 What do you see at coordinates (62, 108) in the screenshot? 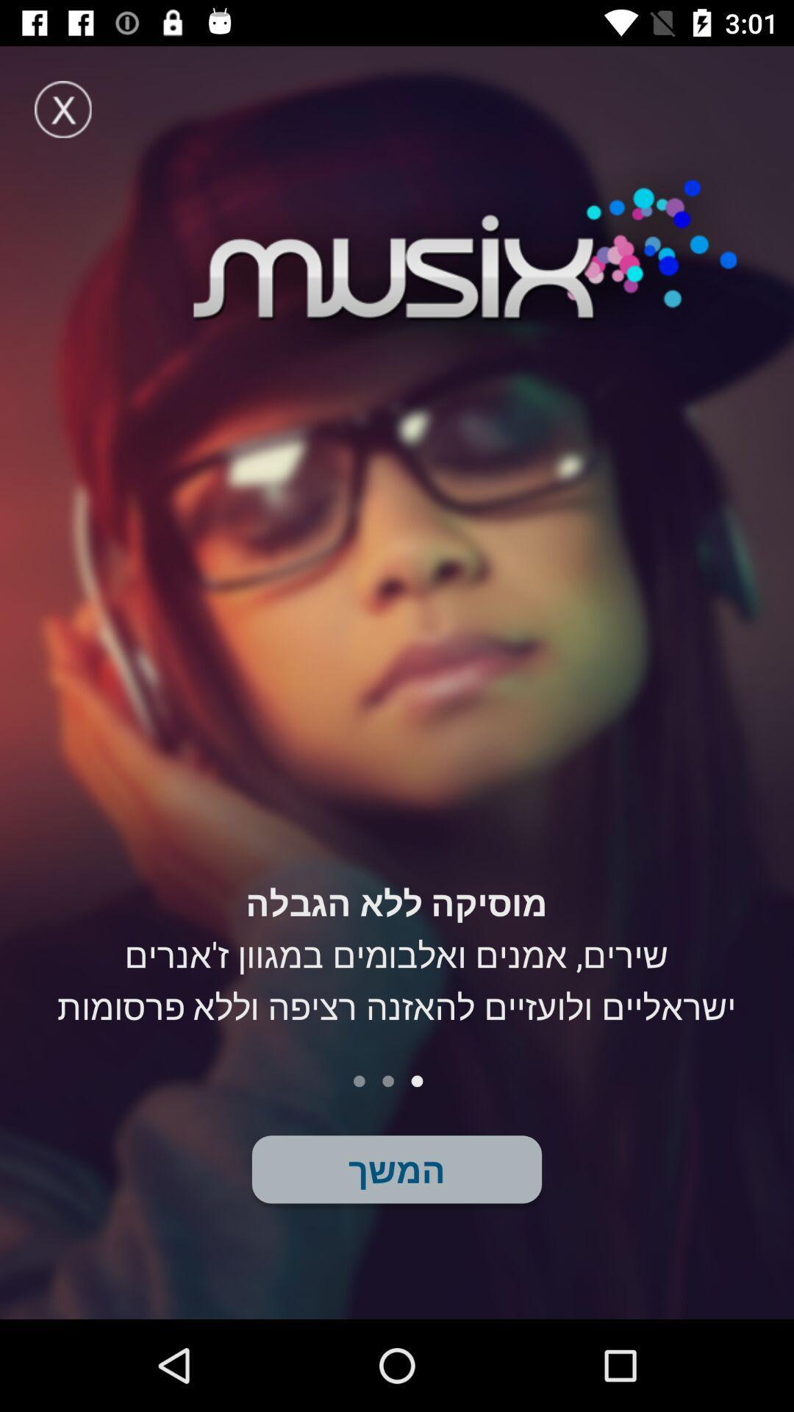
I see `the icon at the top left corner` at bounding box center [62, 108].